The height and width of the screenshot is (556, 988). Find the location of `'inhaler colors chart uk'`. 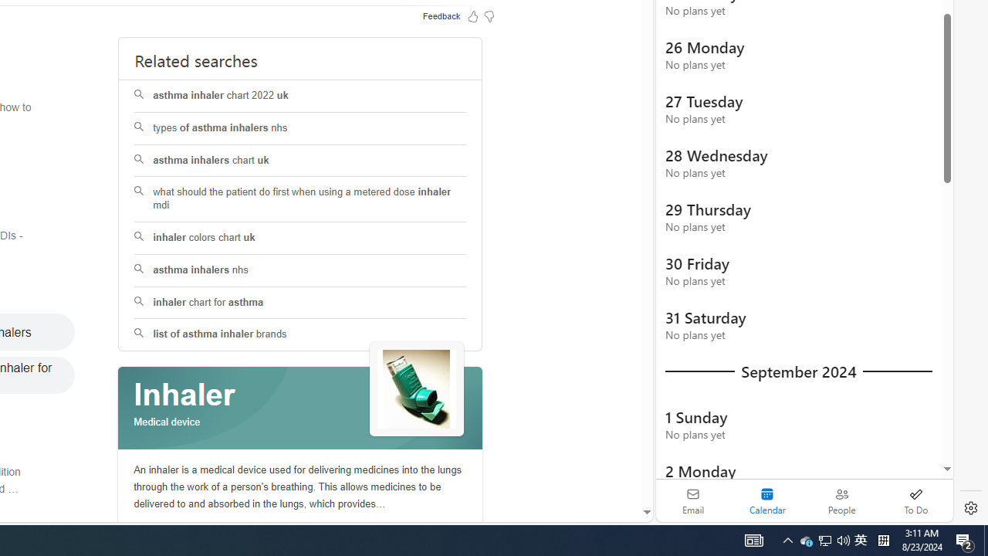

'inhaler colors chart uk' is located at coordinates (300, 238).